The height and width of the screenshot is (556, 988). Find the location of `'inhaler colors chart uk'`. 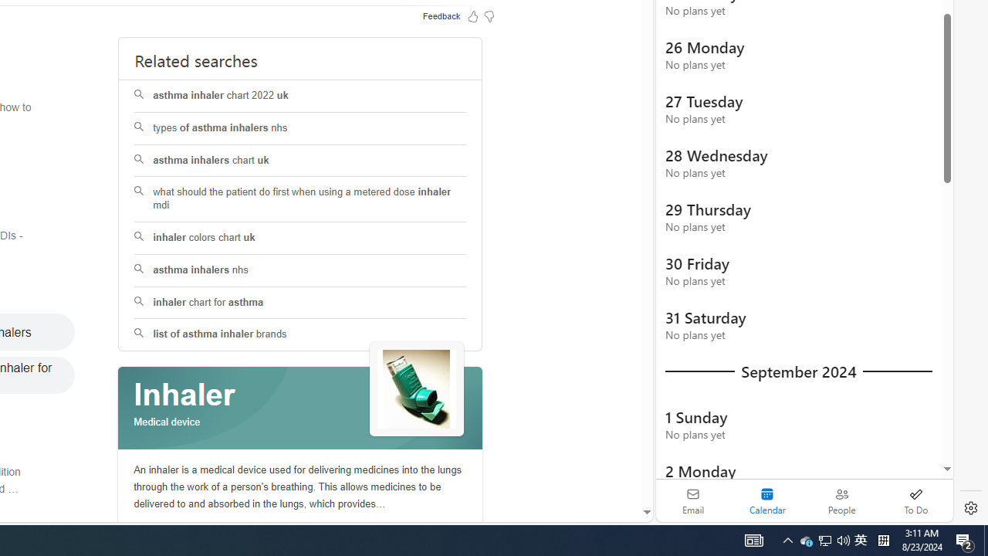

'inhaler colors chart uk' is located at coordinates (300, 238).